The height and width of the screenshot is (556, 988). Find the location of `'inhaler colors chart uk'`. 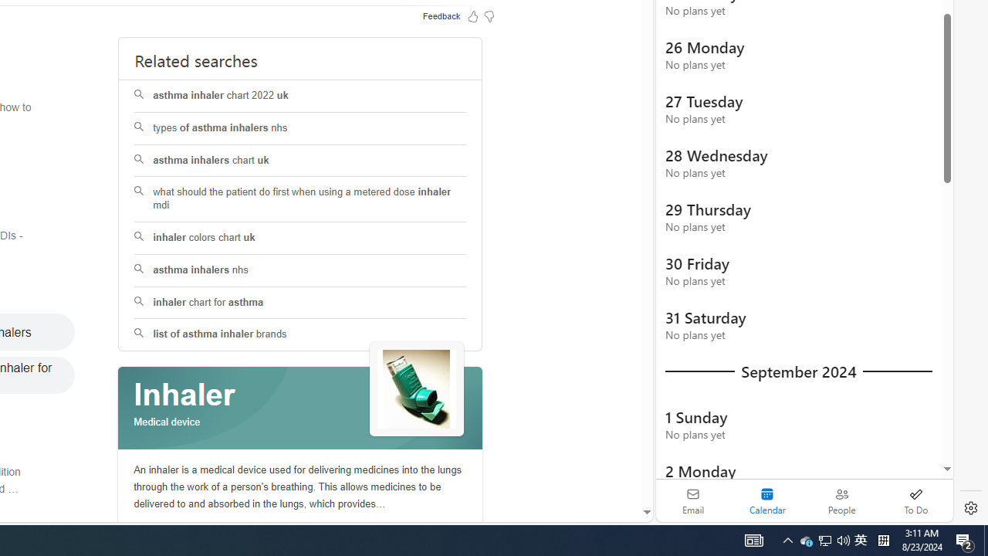

'inhaler colors chart uk' is located at coordinates (300, 238).